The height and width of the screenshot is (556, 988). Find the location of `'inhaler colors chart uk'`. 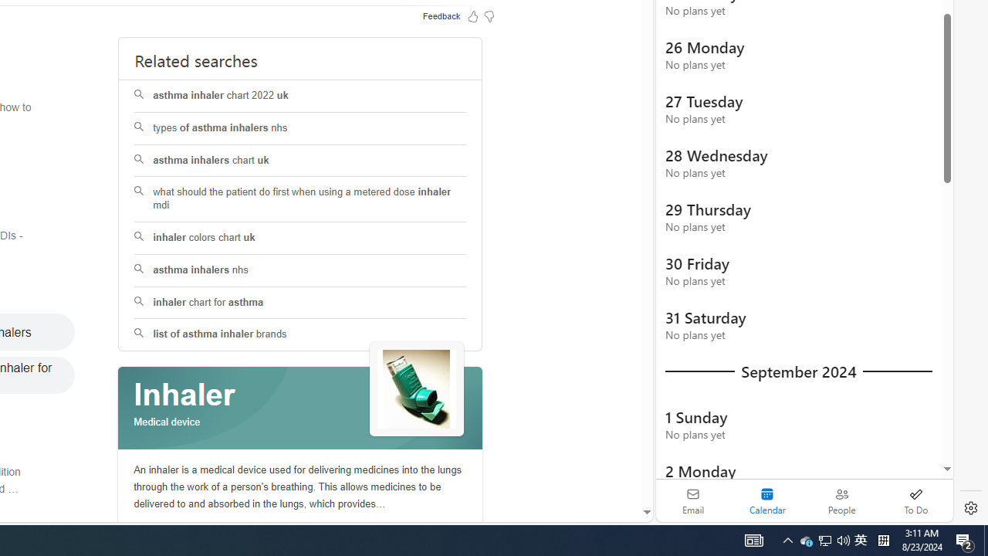

'inhaler colors chart uk' is located at coordinates (300, 238).